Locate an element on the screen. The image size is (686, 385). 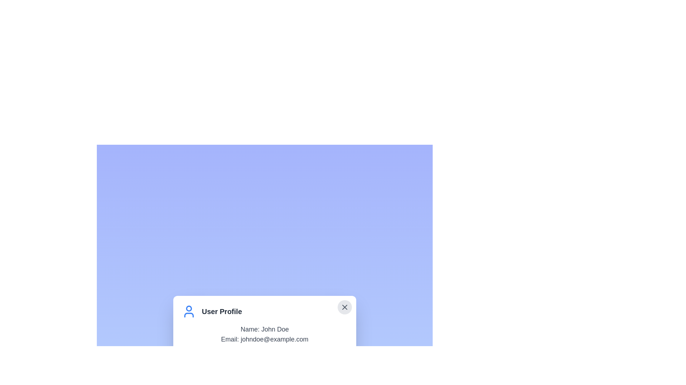
the delete account button located at the bottom-right corner of the user profile card interface to change its background color is located at coordinates (307, 360).